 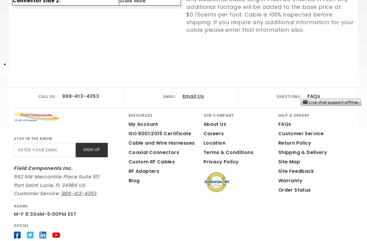 I want to click on 'Privacy Policy', so click(x=221, y=161).